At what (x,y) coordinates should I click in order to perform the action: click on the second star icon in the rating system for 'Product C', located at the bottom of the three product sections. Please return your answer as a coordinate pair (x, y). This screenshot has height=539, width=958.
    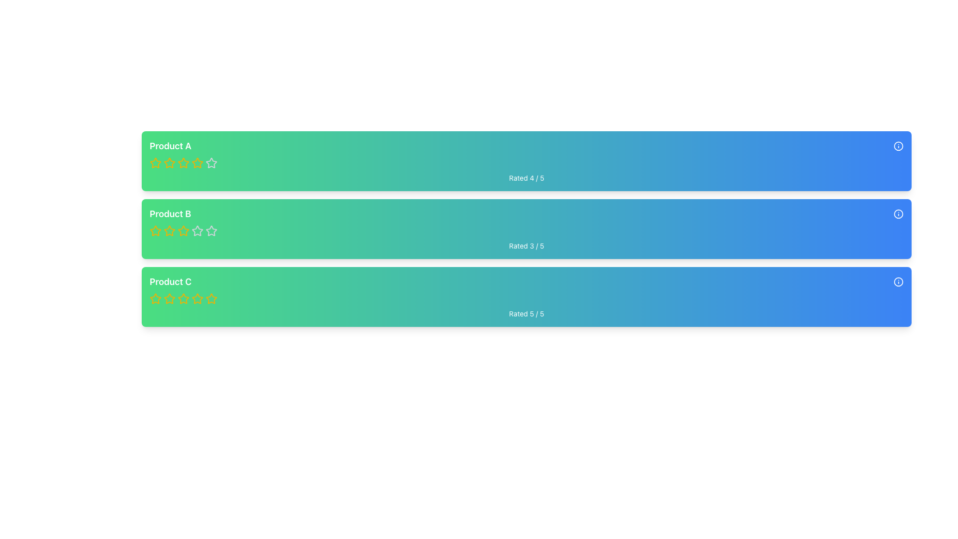
    Looking at the image, I should click on (170, 298).